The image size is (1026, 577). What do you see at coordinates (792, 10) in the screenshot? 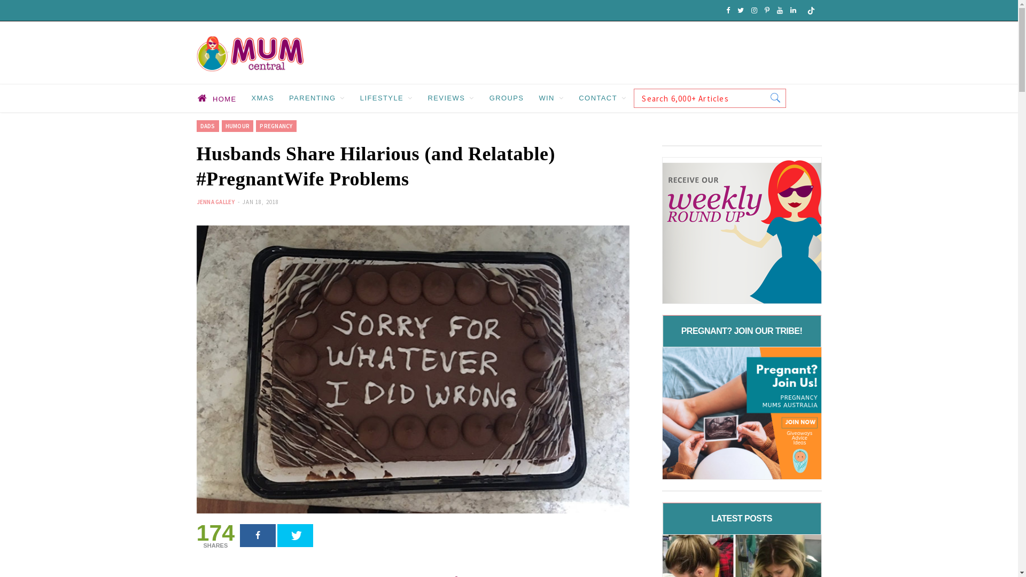
I see `'LinkedIn'` at bounding box center [792, 10].